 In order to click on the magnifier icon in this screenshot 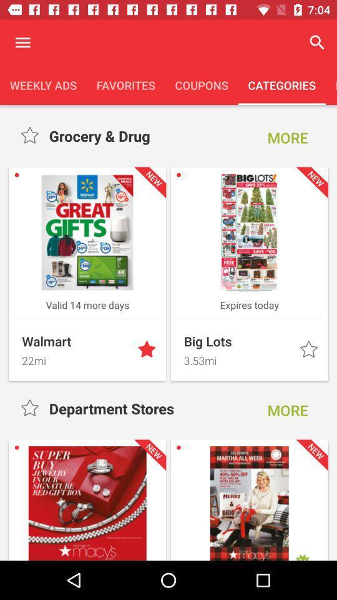, I will do `click(317, 42)`.